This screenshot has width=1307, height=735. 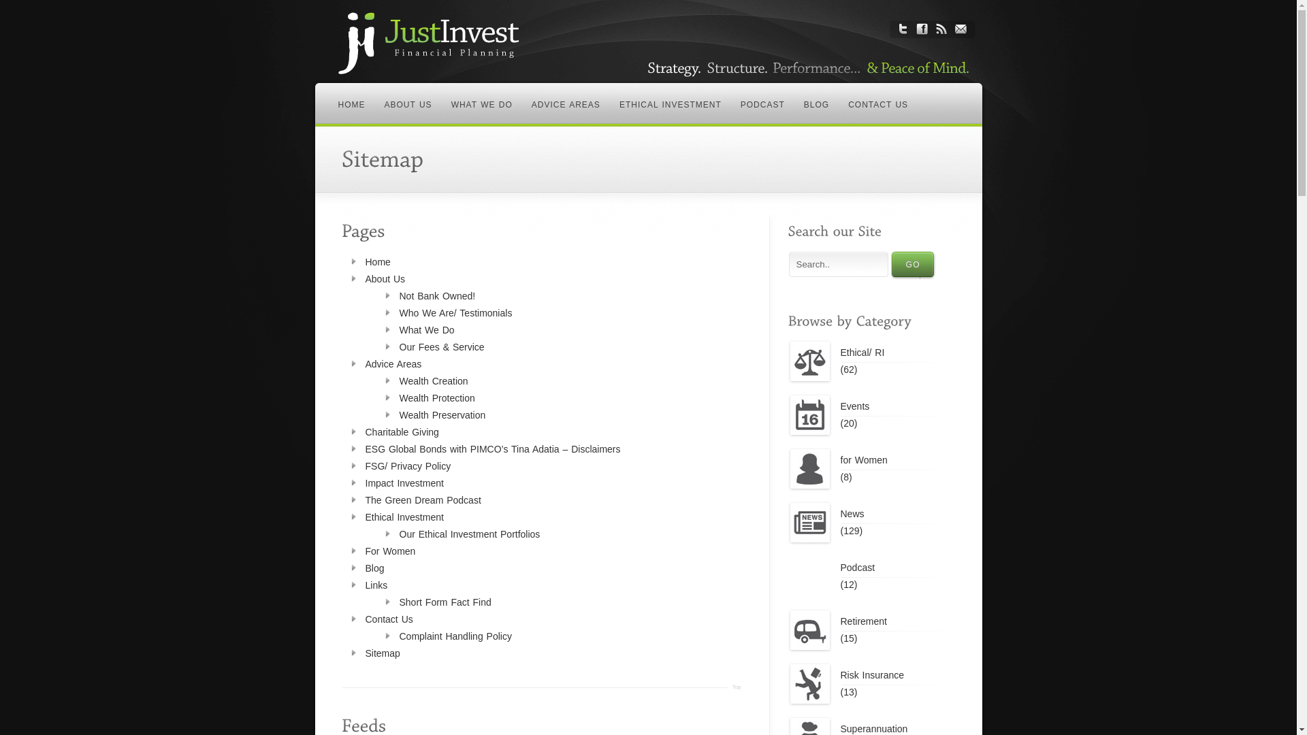 What do you see at coordinates (891, 406) in the screenshot?
I see `'Events'` at bounding box center [891, 406].